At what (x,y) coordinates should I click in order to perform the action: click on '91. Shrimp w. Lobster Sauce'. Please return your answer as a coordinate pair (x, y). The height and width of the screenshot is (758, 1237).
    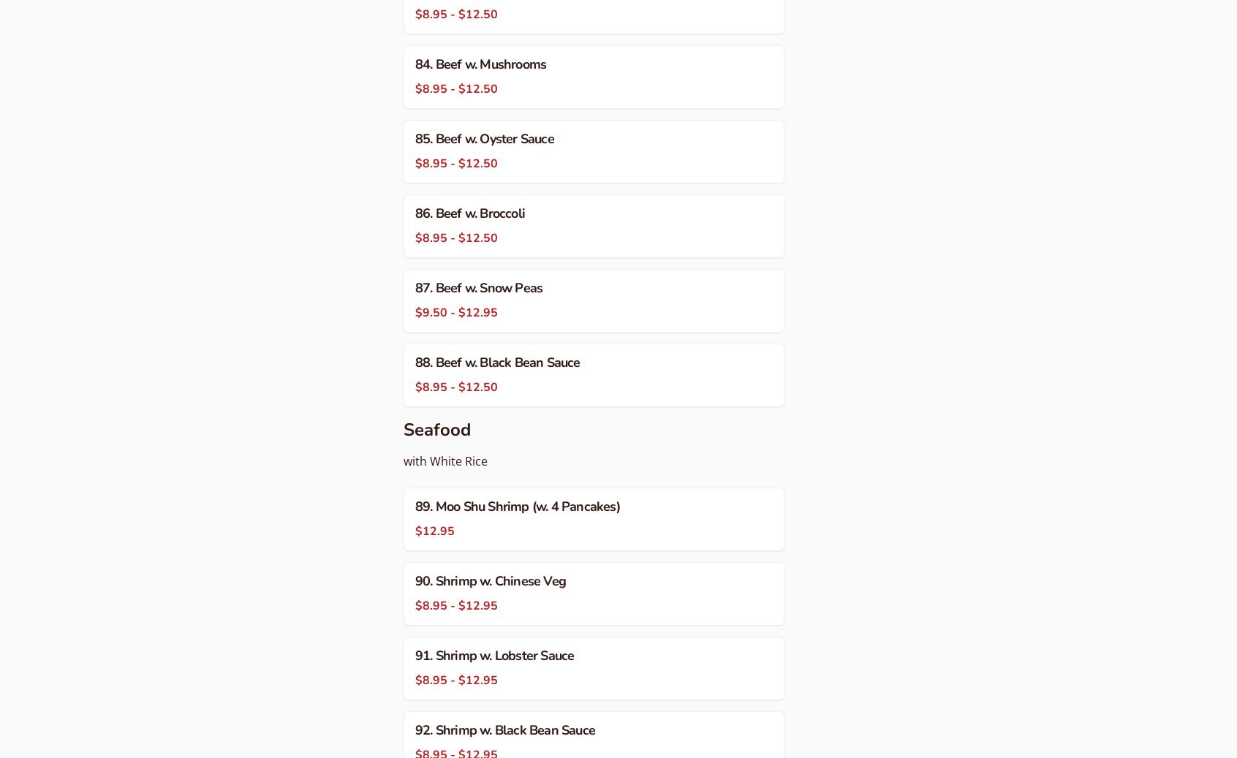
    Looking at the image, I should click on (415, 656).